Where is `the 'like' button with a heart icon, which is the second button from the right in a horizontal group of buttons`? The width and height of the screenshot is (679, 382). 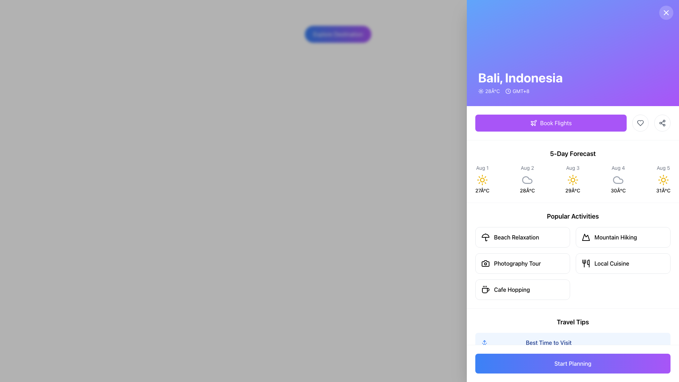
the 'like' button with a heart icon, which is the second button from the right in a horizontal group of buttons is located at coordinates (640, 122).